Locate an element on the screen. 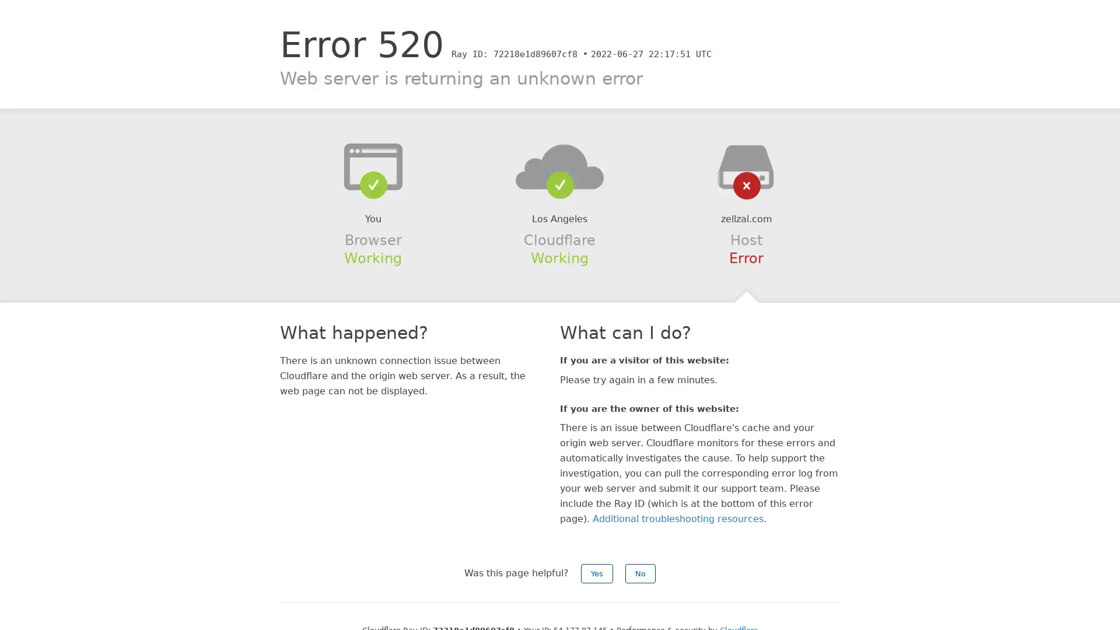 The height and width of the screenshot is (630, 1120). Yes is located at coordinates (597, 573).